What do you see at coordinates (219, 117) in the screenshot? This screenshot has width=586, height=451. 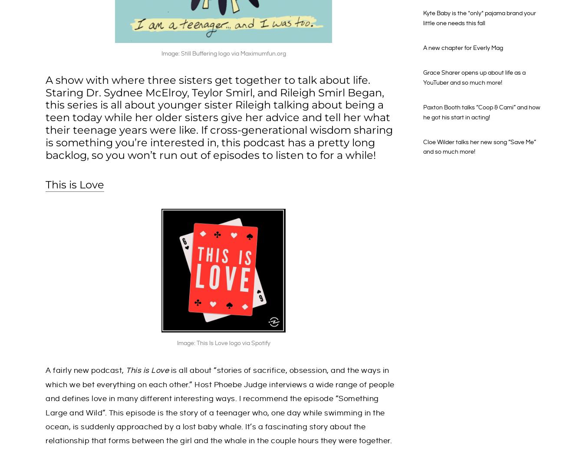 I see `'A show with where three sisters get together to talk about life. Staring Dr. Sydnee McElroy, Teylor Smirl, and Rileigh Smirl Began, this series is all about younger sister Rileigh talking about being a teen today while her older sisters give her advice and tell her what their teenage years were like. If cross-generational wisdom sharing is something you’re interested in, this podcast has a pretty long backlog, so you won’t run out of episodes to listen to for a while!'` at bounding box center [219, 117].